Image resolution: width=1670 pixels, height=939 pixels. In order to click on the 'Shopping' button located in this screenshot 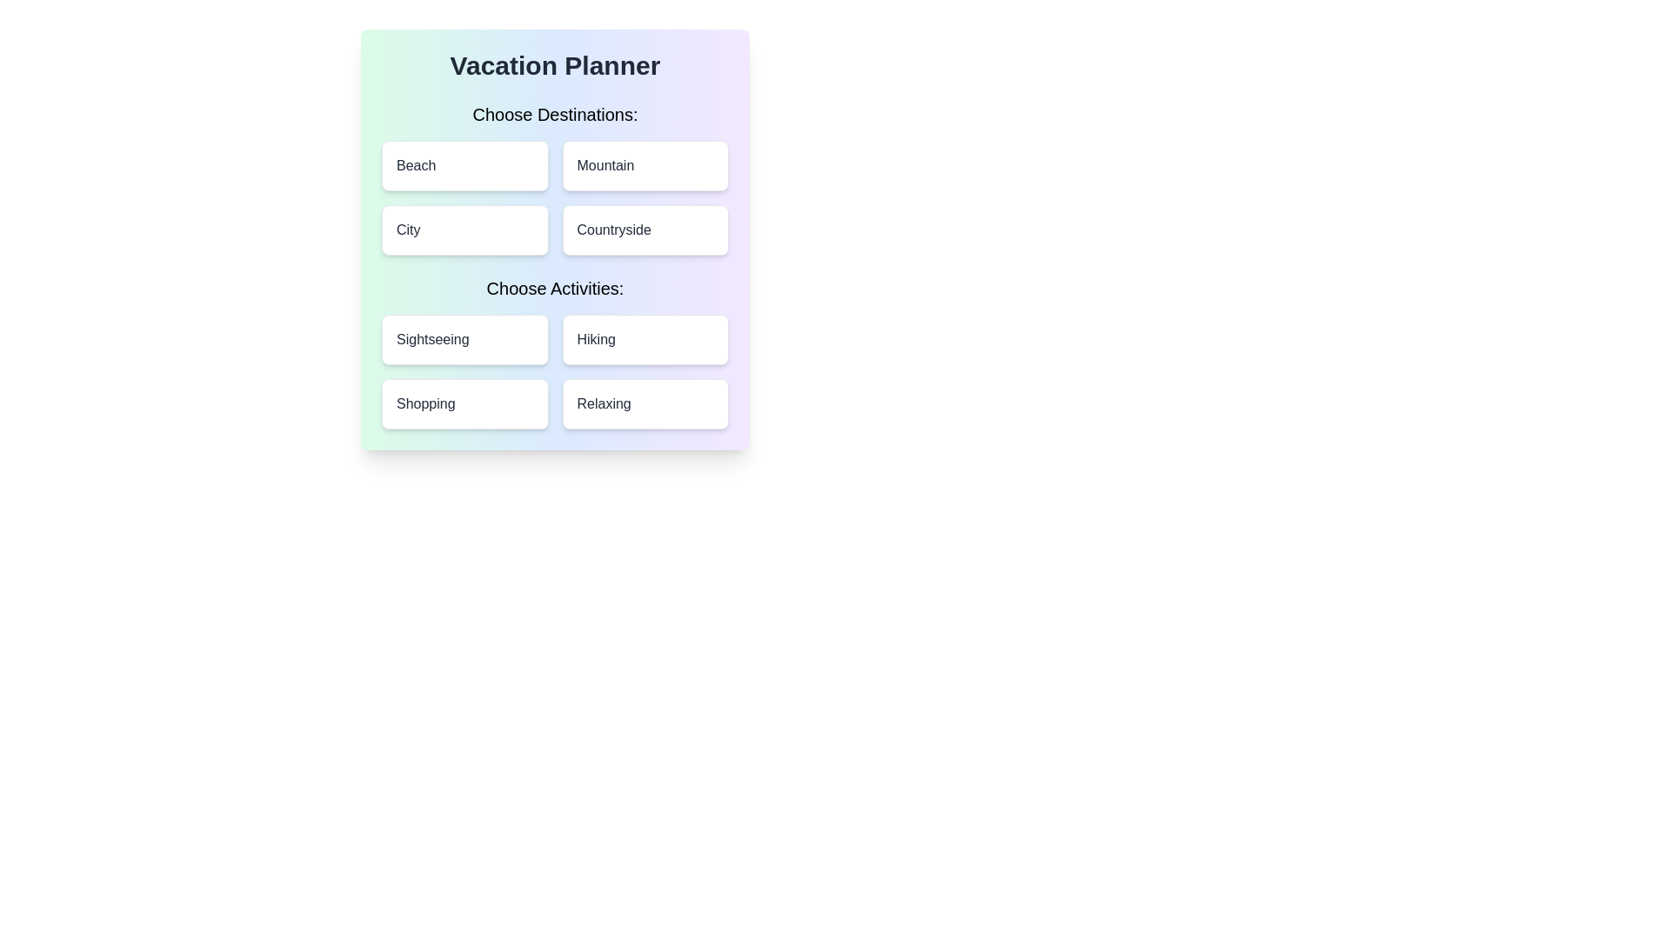, I will do `click(464, 404)`.